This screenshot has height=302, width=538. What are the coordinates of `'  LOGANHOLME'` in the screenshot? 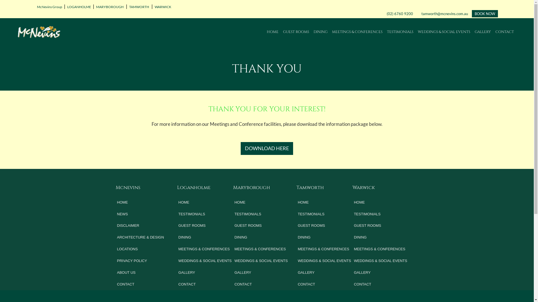 It's located at (78, 7).